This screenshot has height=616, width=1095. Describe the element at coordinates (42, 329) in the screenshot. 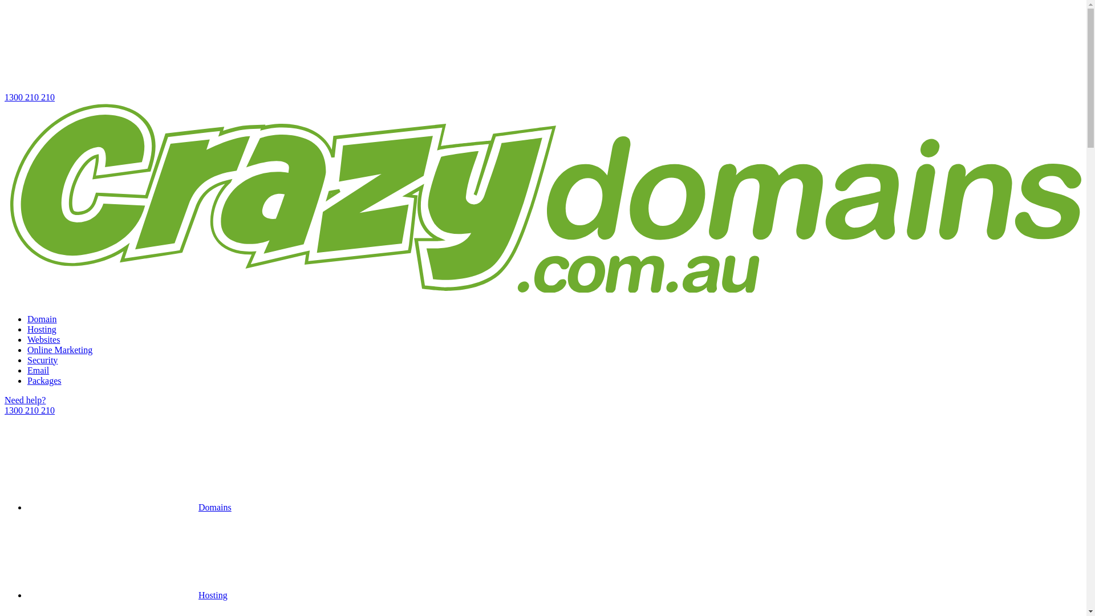

I see `'Hosting'` at that location.